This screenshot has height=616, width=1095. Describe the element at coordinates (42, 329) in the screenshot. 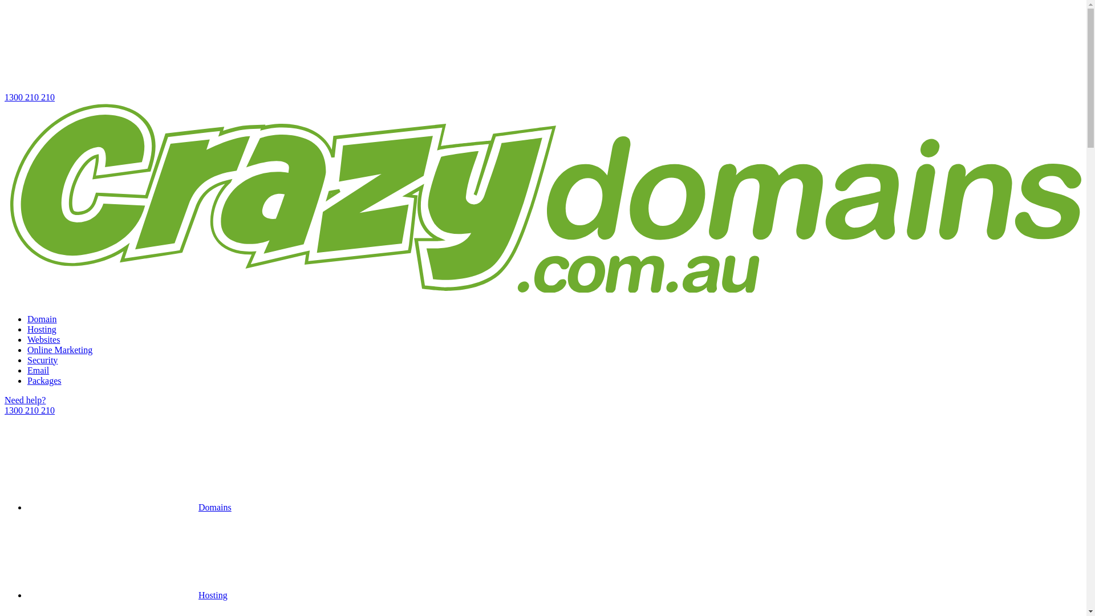

I see `'Hosting'` at that location.